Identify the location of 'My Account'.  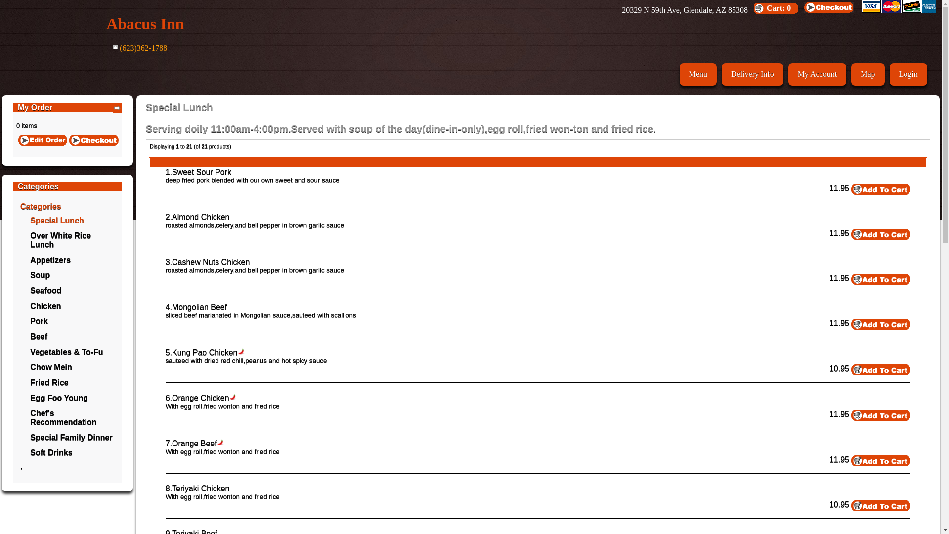
(818, 74).